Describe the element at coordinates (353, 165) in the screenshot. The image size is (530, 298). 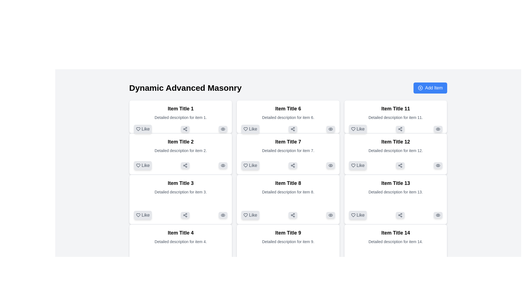
I see `the tooltip for the heart-shaped icon used for liking or favoriting an item titled 'Item Title 12'` at that location.